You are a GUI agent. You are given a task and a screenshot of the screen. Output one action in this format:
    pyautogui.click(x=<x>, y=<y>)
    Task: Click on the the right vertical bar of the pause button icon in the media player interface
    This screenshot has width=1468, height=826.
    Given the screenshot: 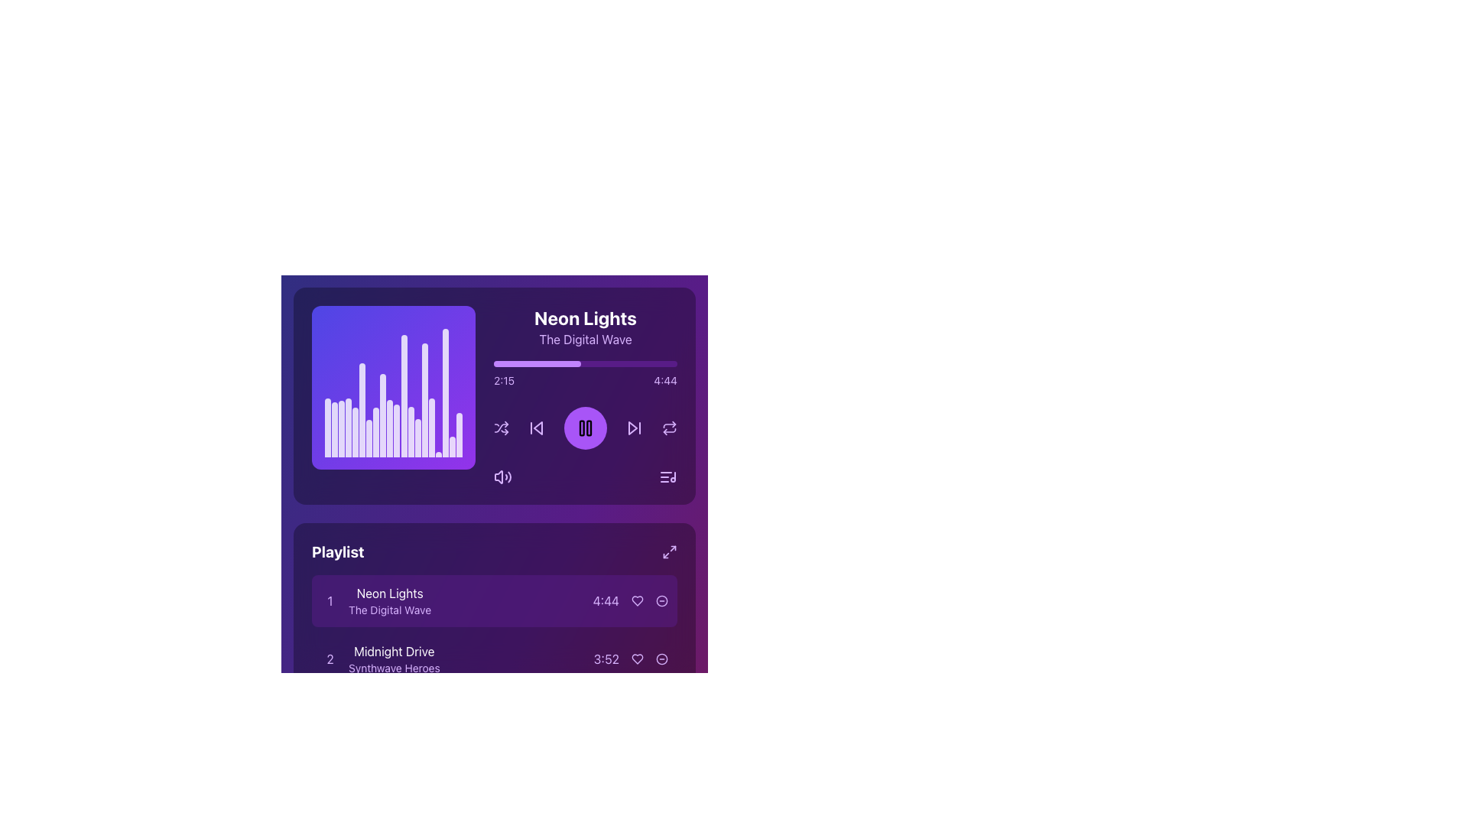 What is the action you would take?
    pyautogui.click(x=588, y=428)
    